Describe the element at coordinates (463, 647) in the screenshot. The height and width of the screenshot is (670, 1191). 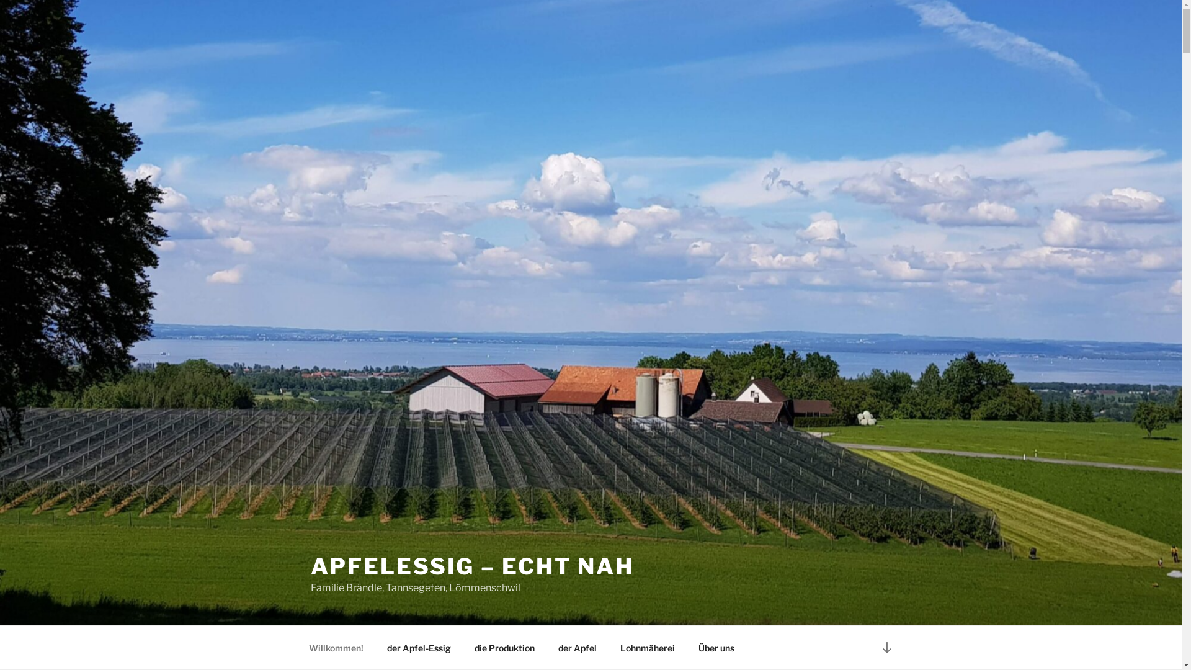
I see `'die Produktion'` at that location.